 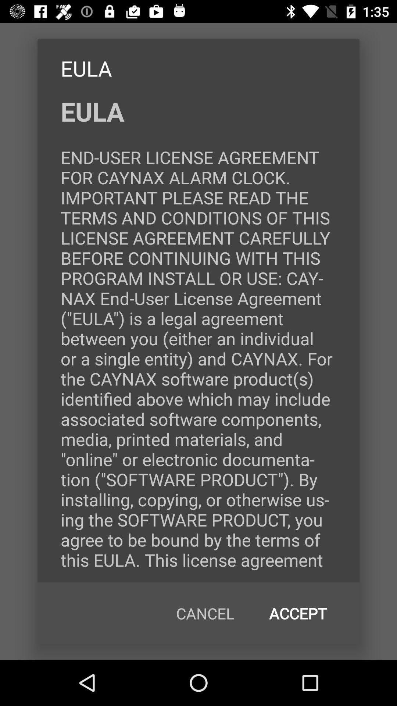 What do you see at coordinates (205, 613) in the screenshot?
I see `the cancel` at bounding box center [205, 613].